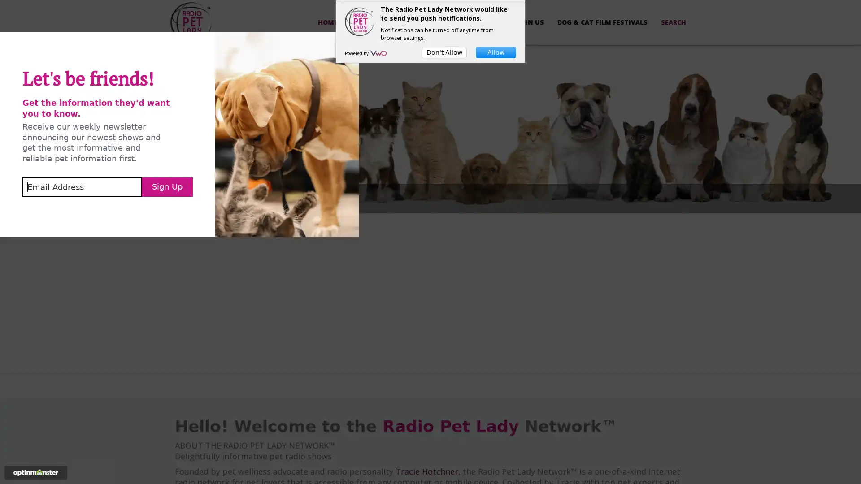 Image resolution: width=861 pixels, height=484 pixels. I want to click on Don't Allow, so click(444, 52).